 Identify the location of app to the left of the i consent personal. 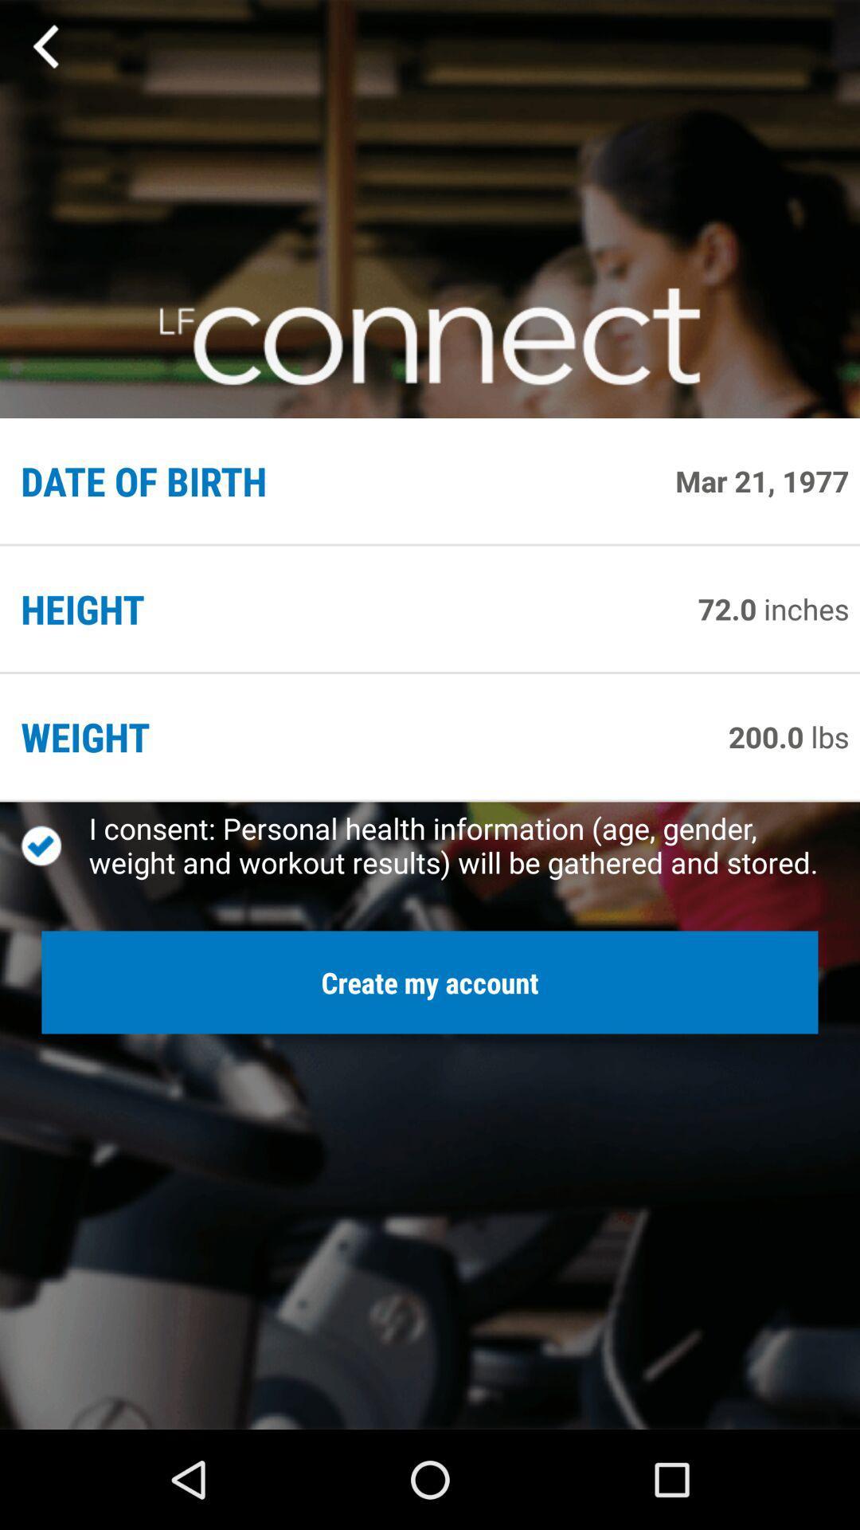
(54, 845).